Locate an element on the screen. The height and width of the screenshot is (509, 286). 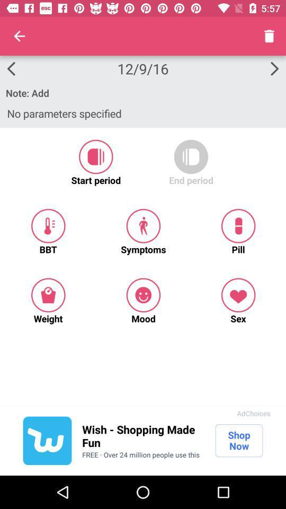
the icon below 12/9/16 item is located at coordinates (143, 92).